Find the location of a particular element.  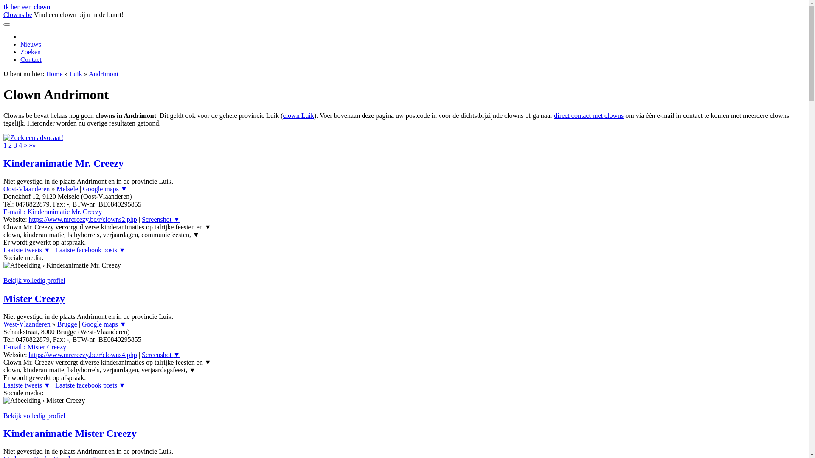

'Kinderanimatie Mr. Creezy' is located at coordinates (63, 163).